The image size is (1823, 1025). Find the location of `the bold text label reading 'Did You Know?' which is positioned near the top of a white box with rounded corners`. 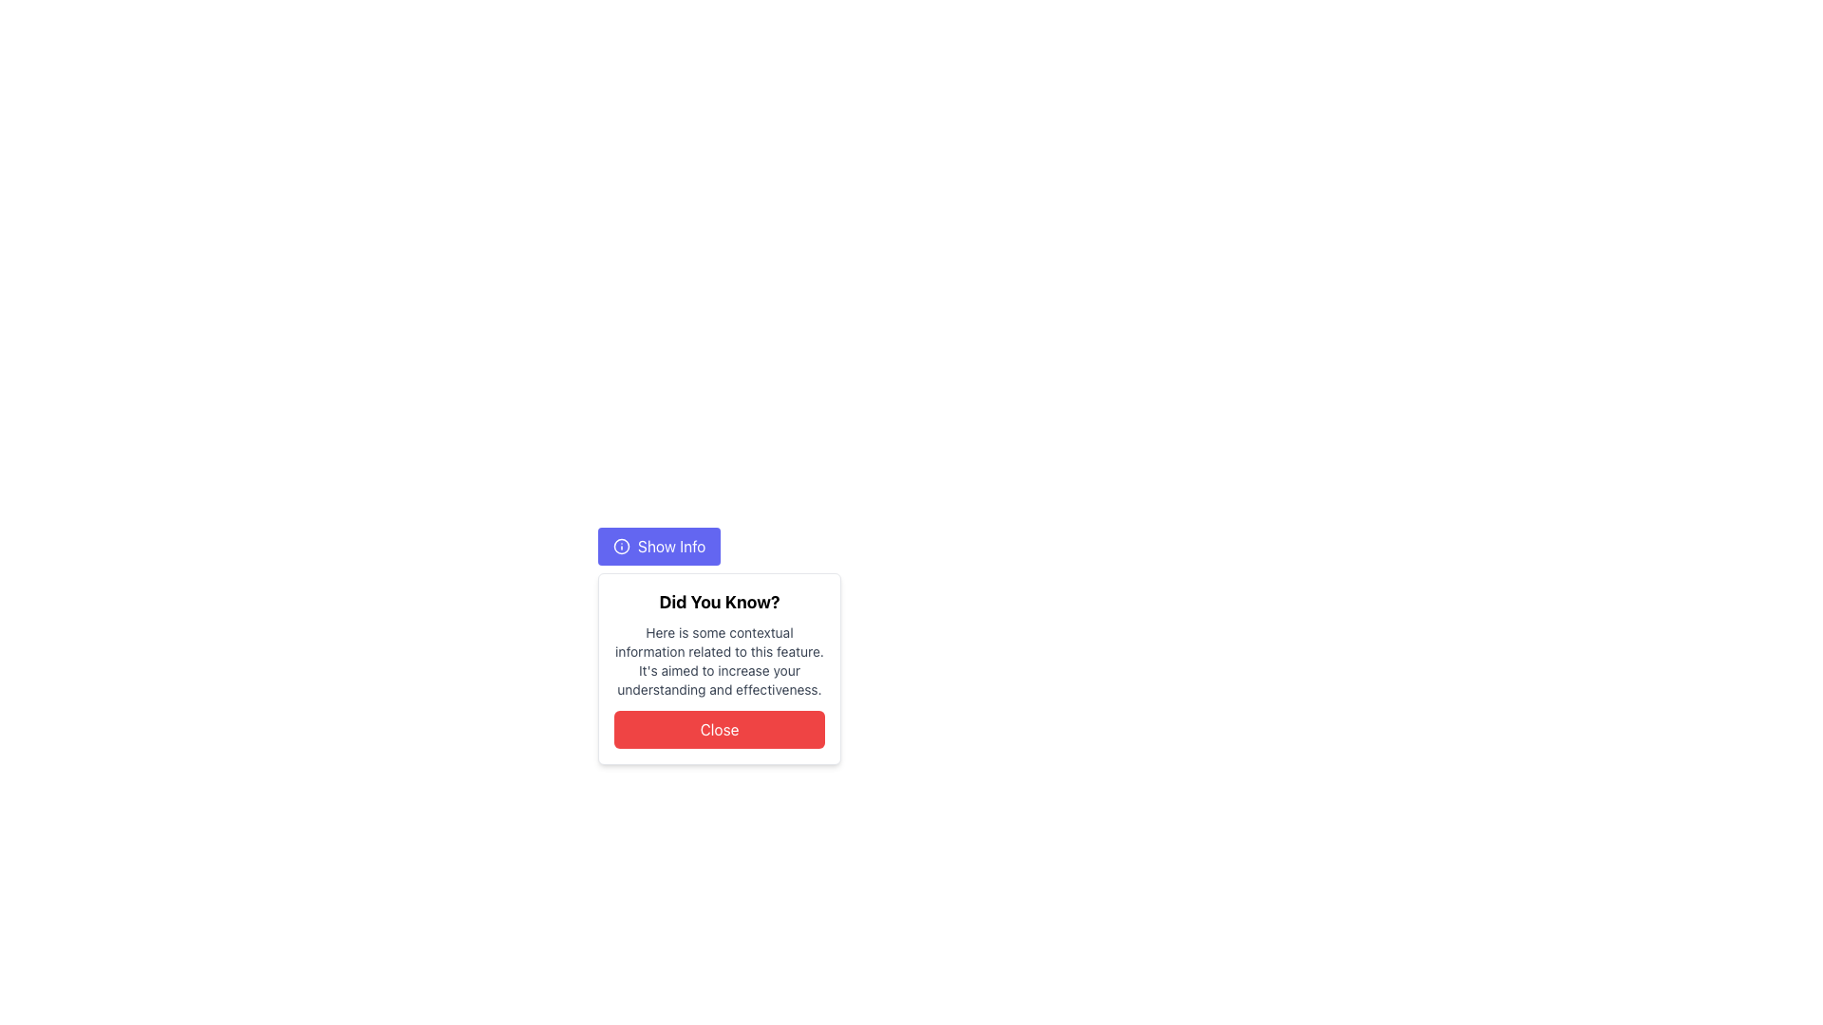

the bold text label reading 'Did You Know?' which is positioned near the top of a white box with rounded corners is located at coordinates (719, 603).